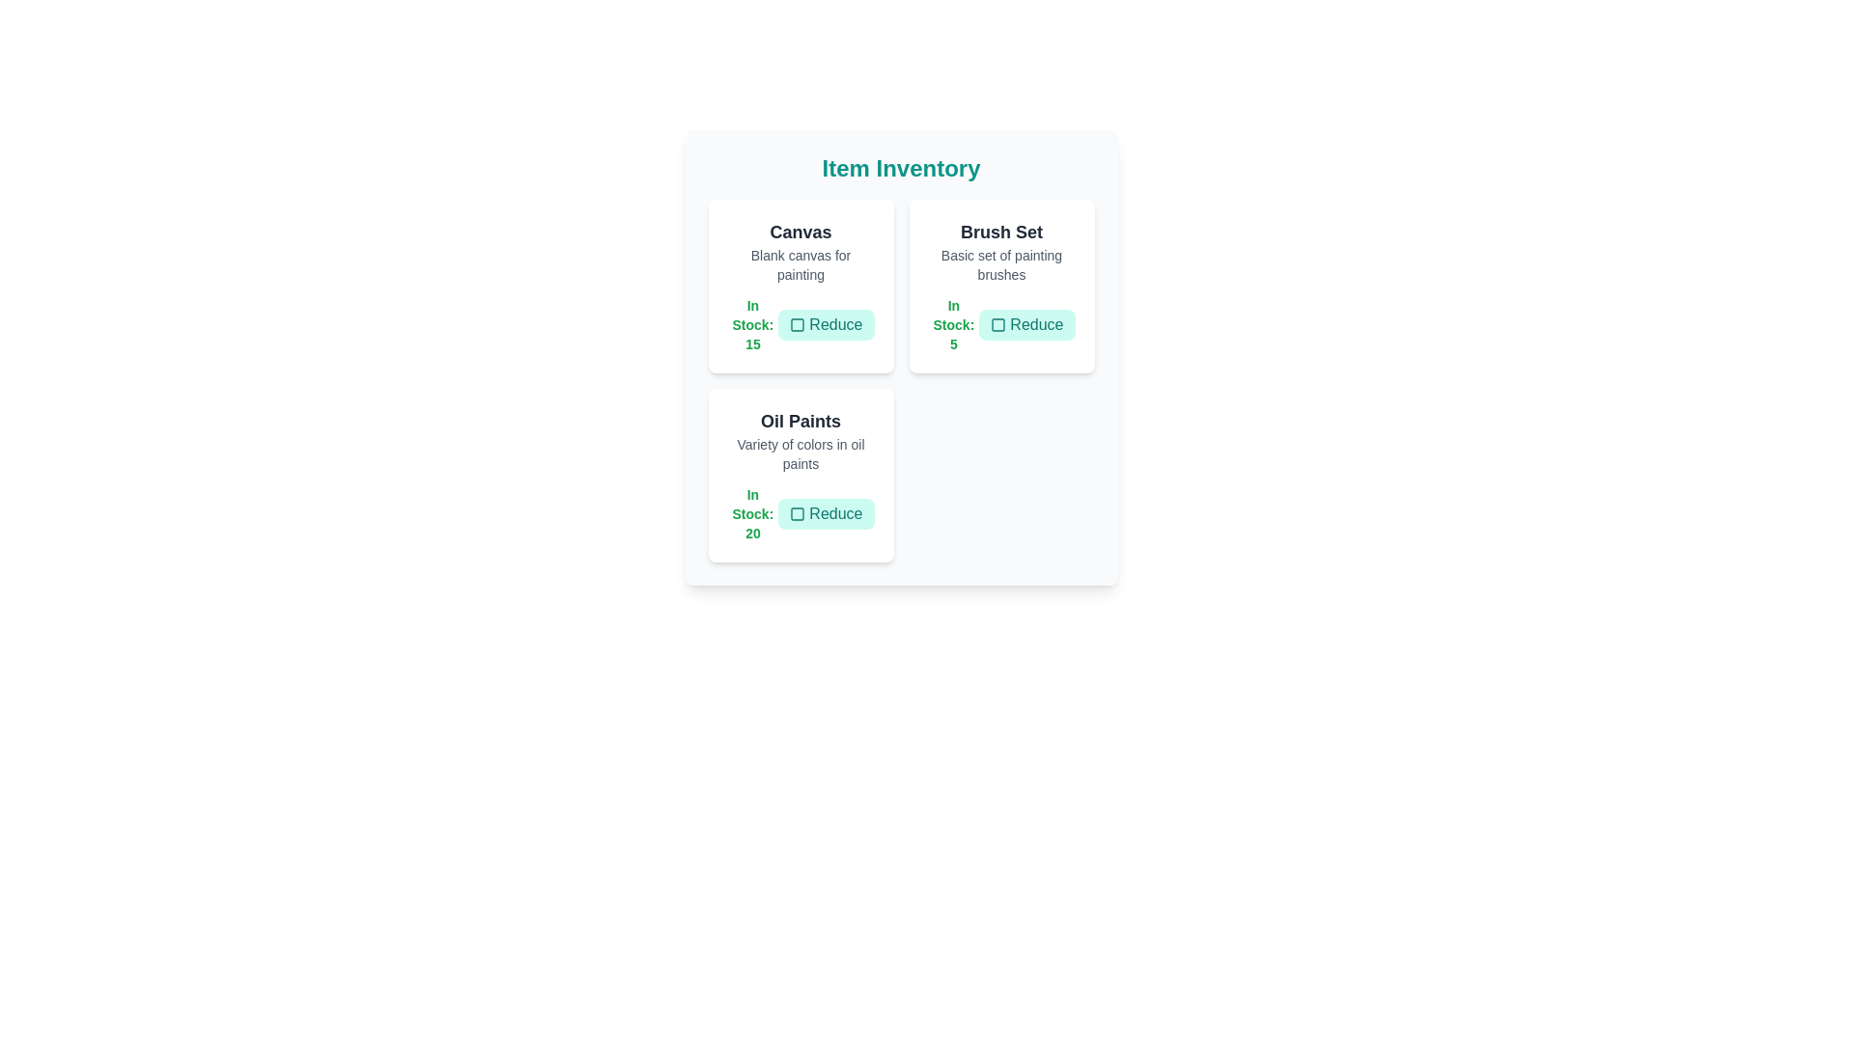 The image size is (1854, 1042). What do you see at coordinates (801, 476) in the screenshot?
I see `the item card for Oil Paints` at bounding box center [801, 476].